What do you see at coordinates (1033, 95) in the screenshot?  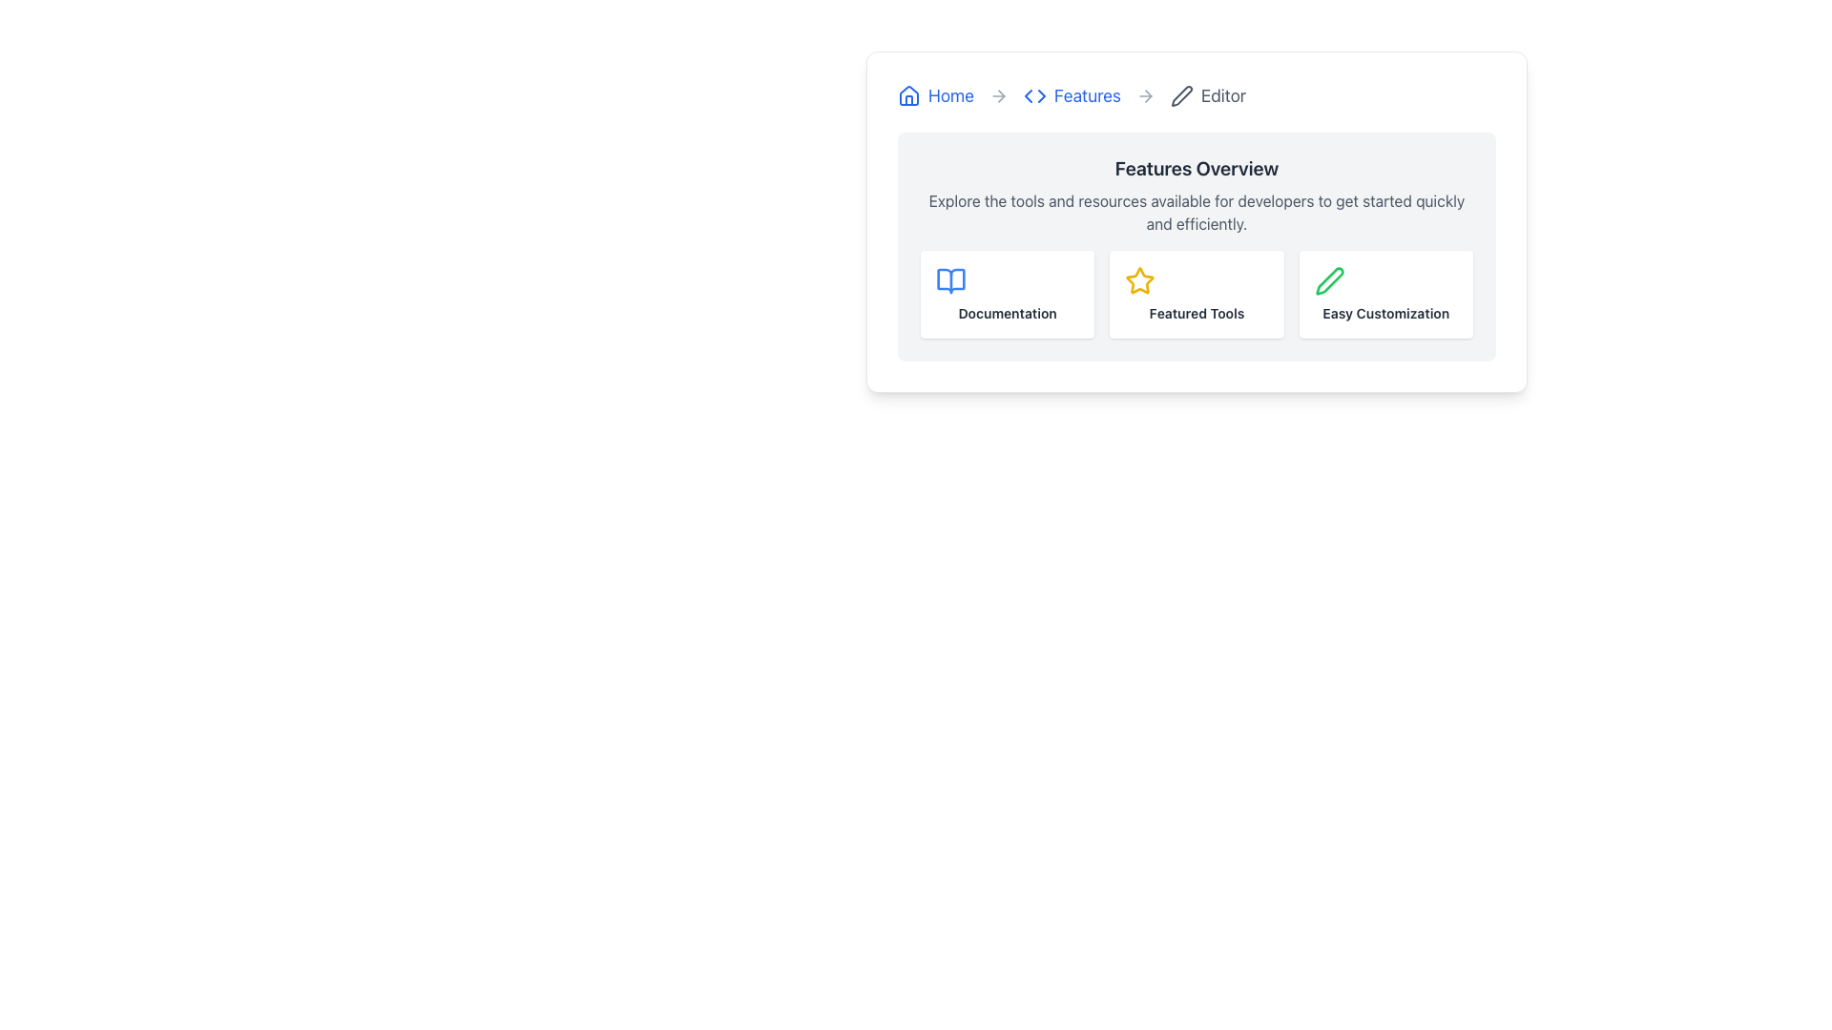 I see `the SVG-based icon shaped like directional arrows ('<' and '>') with a blue stroke color, located in the breadcrumb navigation bar next to the 'Features' text link` at bounding box center [1033, 95].